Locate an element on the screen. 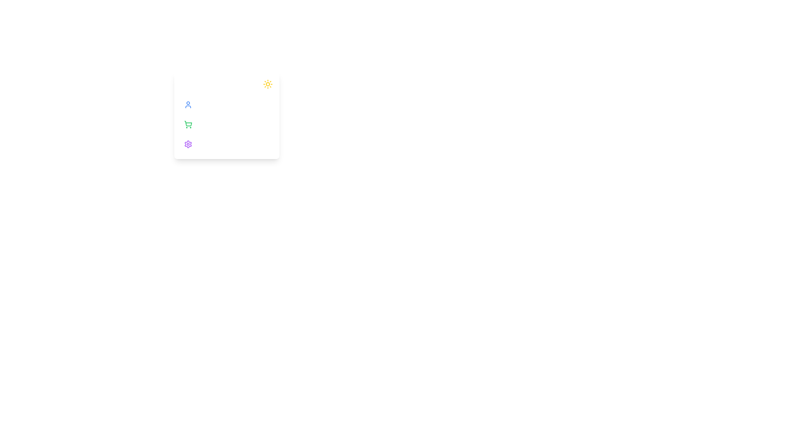 Image resolution: width=789 pixels, height=444 pixels. the option Settings in the sidebar to view its hover effect is located at coordinates (227, 144).